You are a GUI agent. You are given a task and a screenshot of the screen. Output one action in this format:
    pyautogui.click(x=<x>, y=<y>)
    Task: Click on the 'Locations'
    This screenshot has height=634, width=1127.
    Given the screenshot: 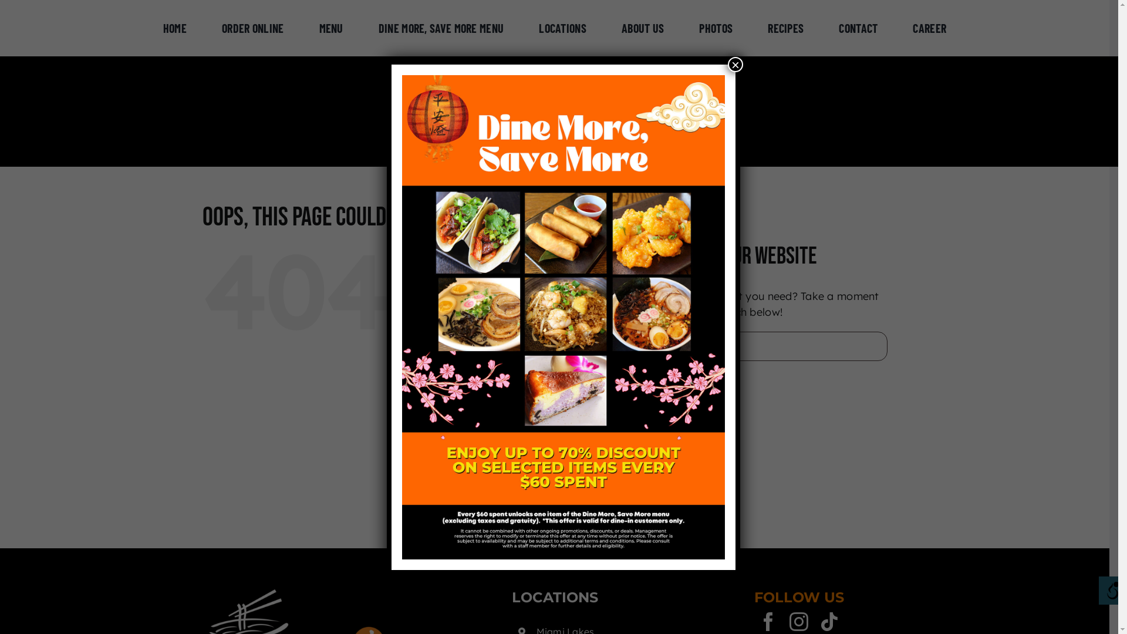 What is the action you would take?
    pyautogui.click(x=515, y=389)
    